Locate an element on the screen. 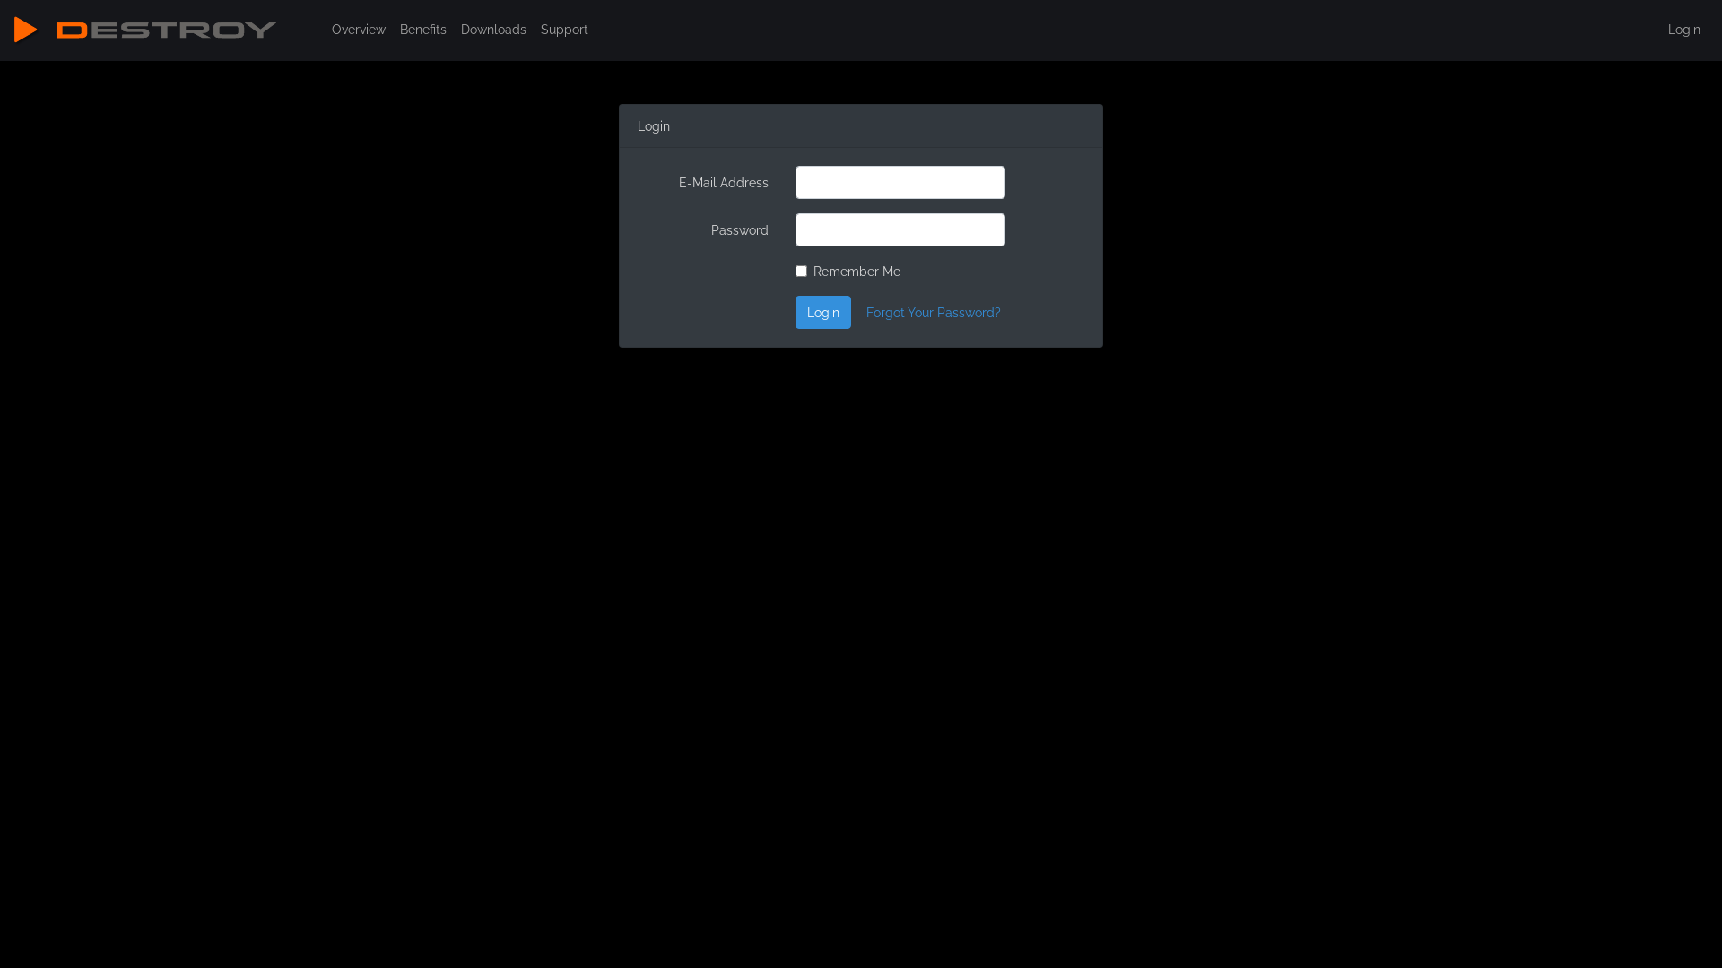 Image resolution: width=1722 pixels, height=968 pixels. 'Overview' is located at coordinates (324, 29).